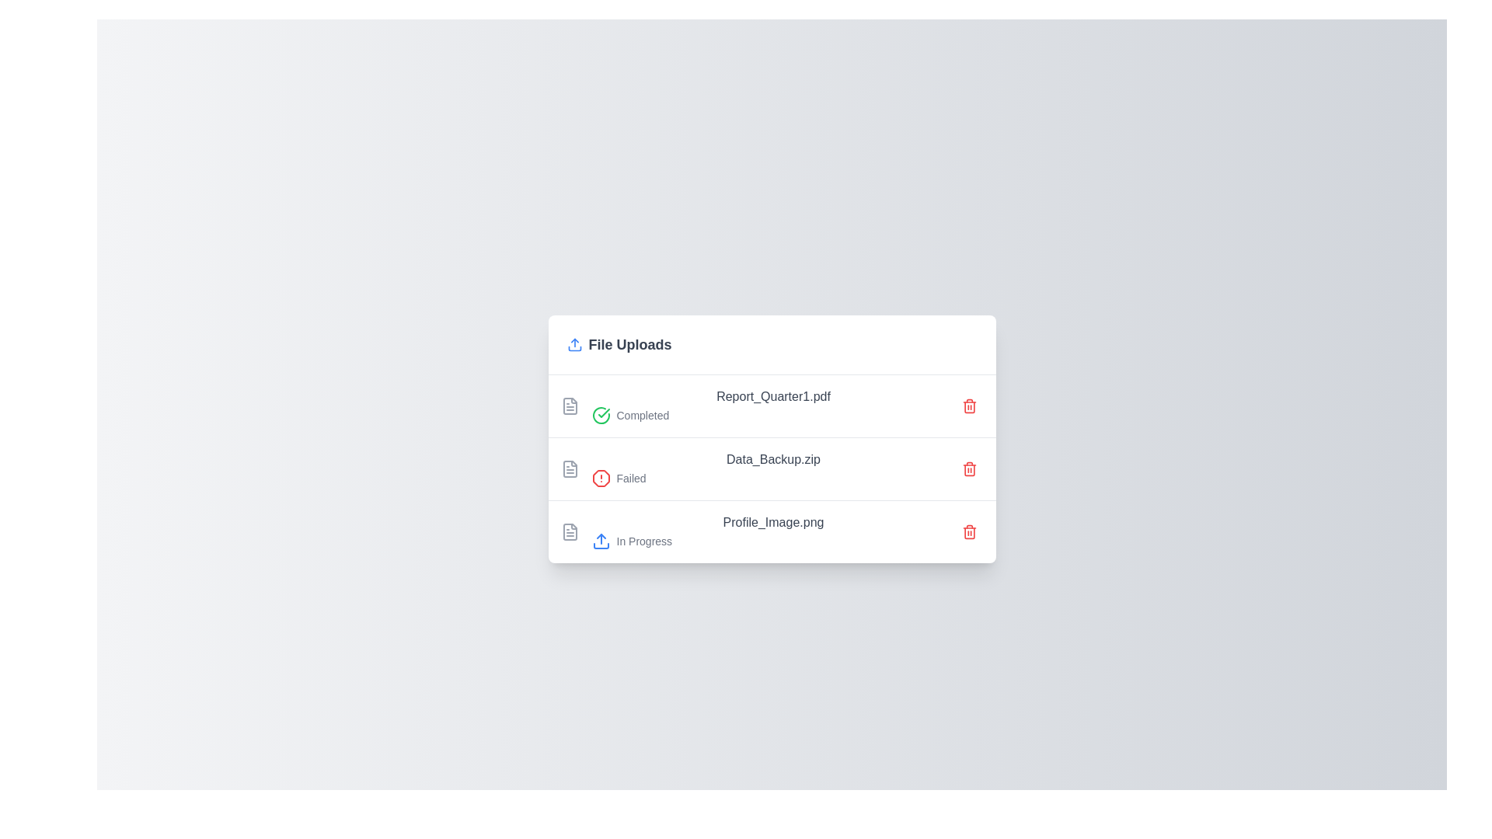  Describe the element at coordinates (773, 531) in the screenshot. I see `filename 'Profile_Image.png' and its status 'in progress' from the informational label in the 'File Uploads' section, which is the third row in the list` at that location.